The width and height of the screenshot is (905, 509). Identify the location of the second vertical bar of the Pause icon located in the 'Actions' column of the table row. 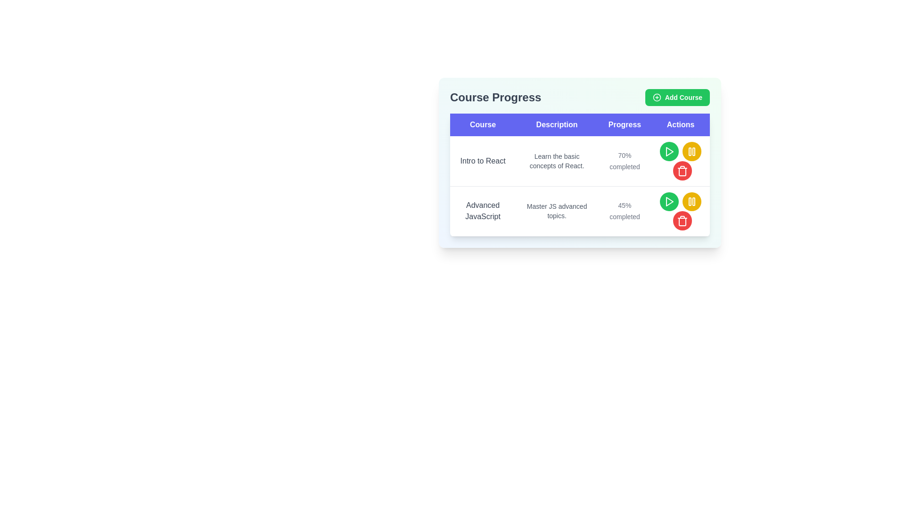
(694, 201).